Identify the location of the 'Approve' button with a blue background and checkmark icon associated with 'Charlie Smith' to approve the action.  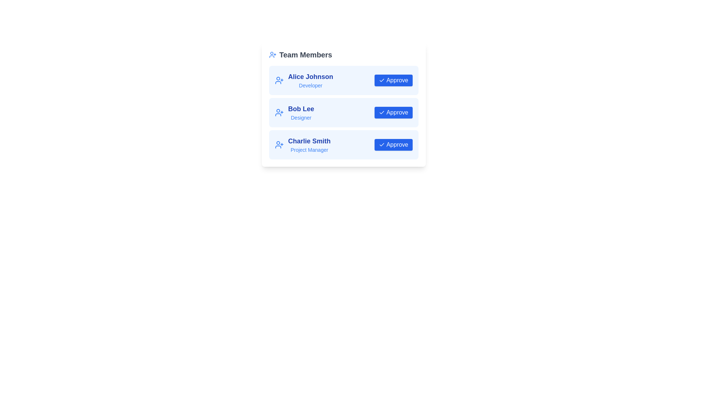
(393, 145).